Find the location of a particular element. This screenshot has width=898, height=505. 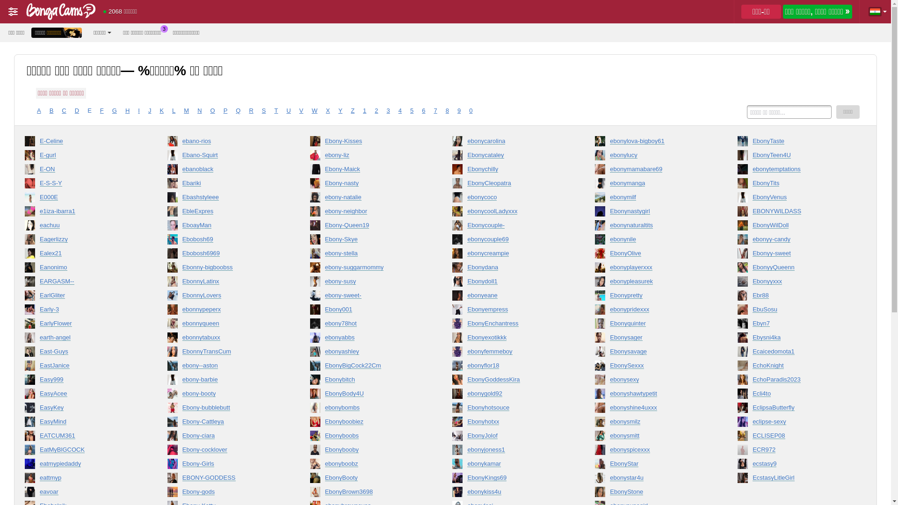

'Ebonycouple-' is located at coordinates (509, 227).